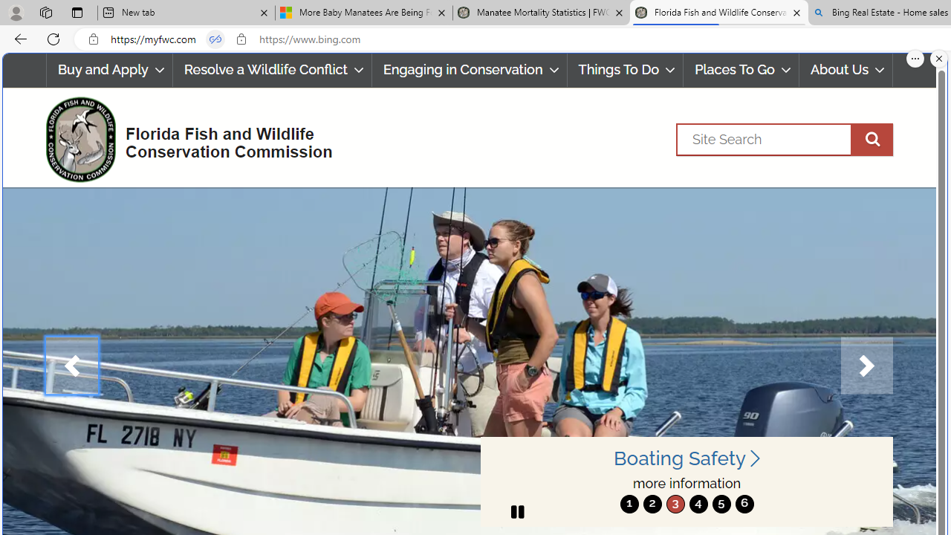 The image size is (951, 535). I want to click on 'Places To Go', so click(741, 70).